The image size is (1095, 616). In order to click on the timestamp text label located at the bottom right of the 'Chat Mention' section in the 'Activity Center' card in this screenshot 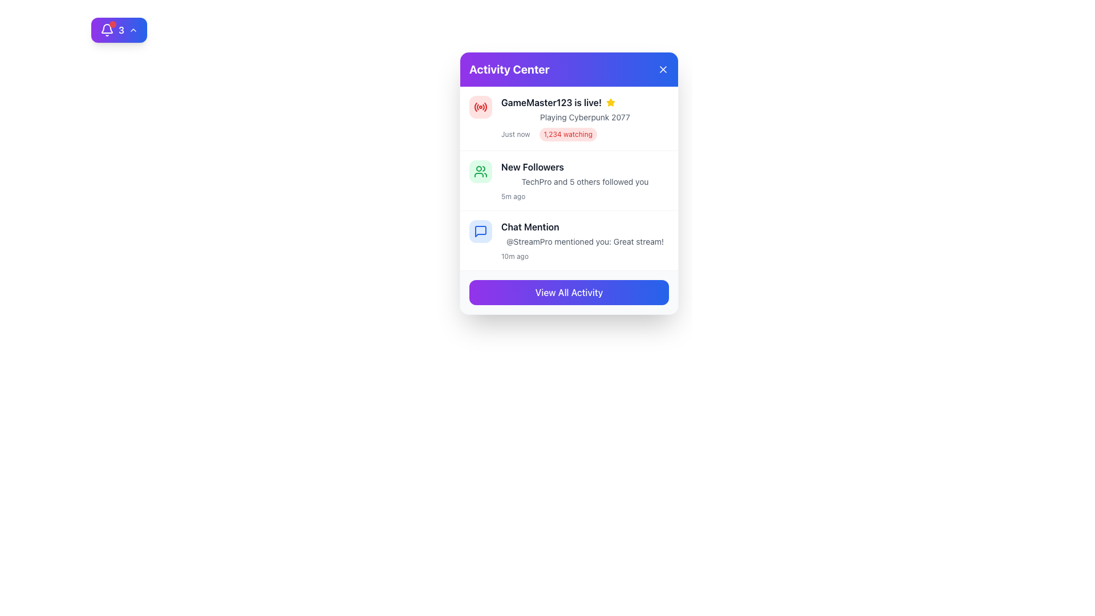, I will do `click(514, 257)`.